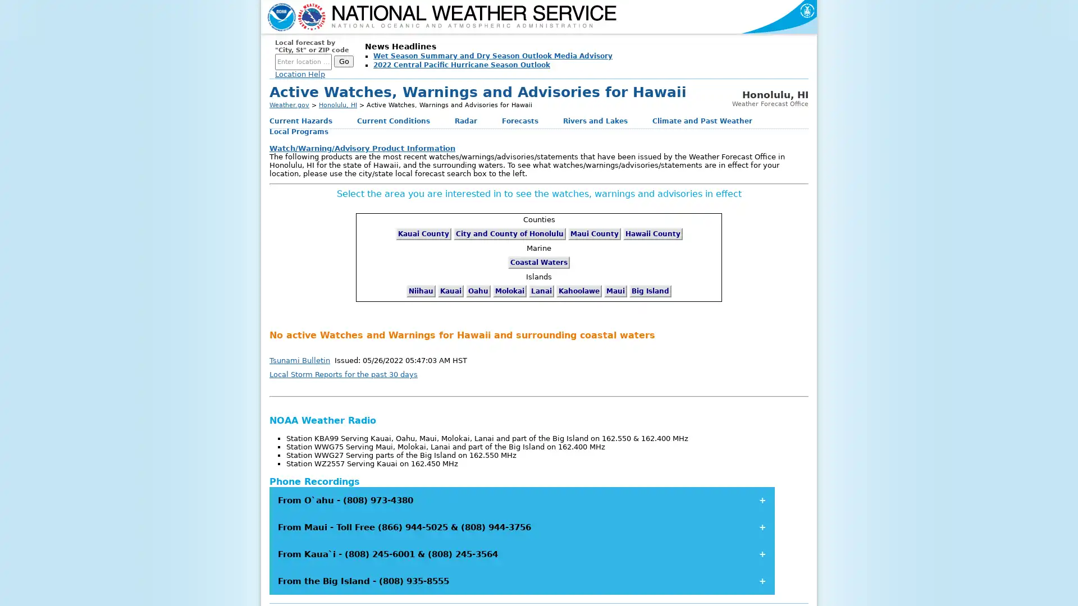 Image resolution: width=1078 pixels, height=606 pixels. What do you see at coordinates (343, 61) in the screenshot?
I see `Go` at bounding box center [343, 61].